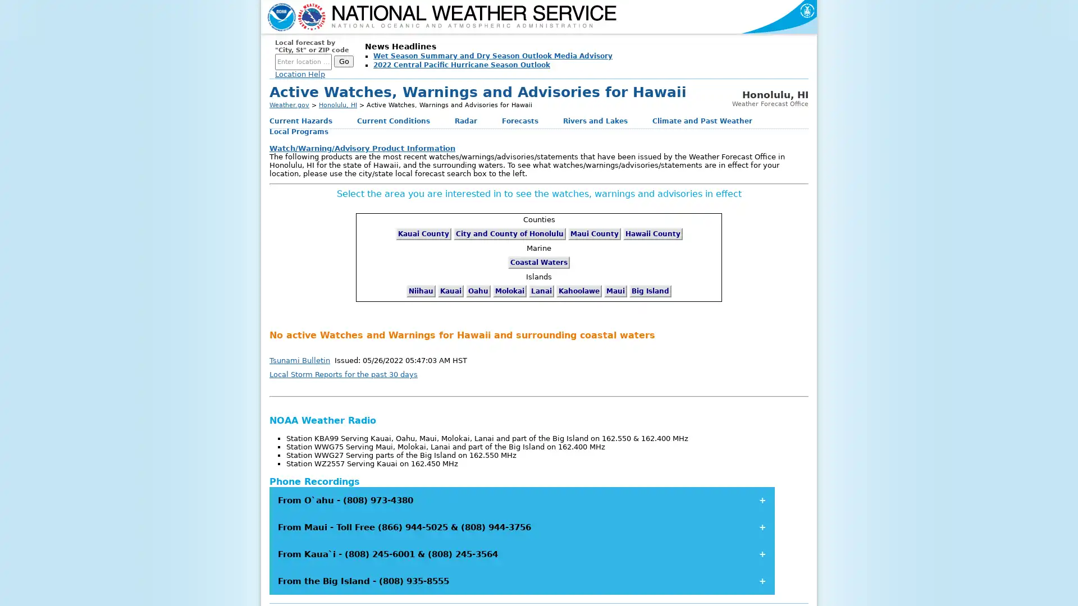 Image resolution: width=1078 pixels, height=606 pixels. What do you see at coordinates (343, 61) in the screenshot?
I see `Go` at bounding box center [343, 61].